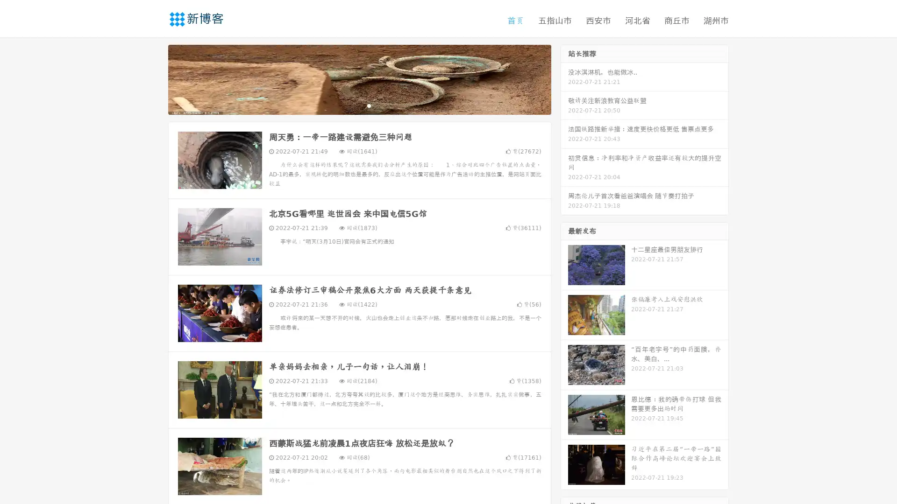  I want to click on Go to slide 3, so click(369, 105).